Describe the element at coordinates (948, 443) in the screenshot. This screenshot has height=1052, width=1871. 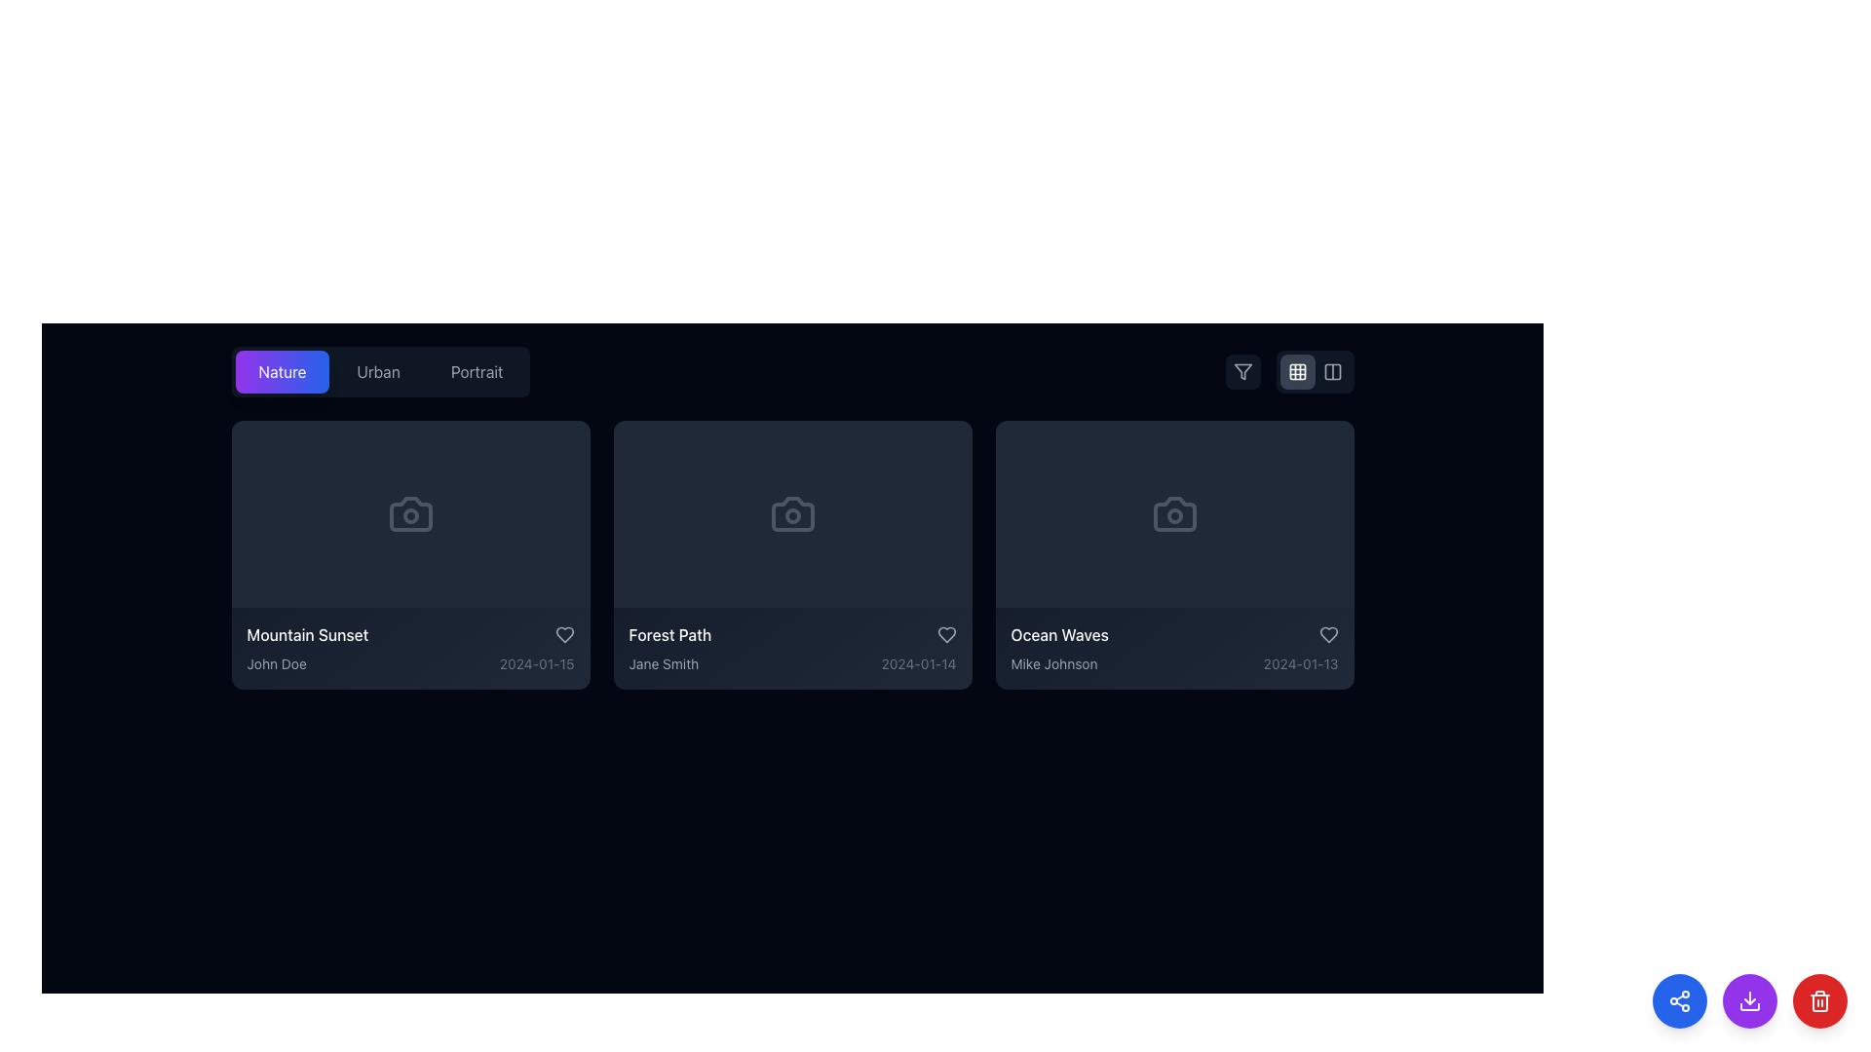
I see `the button located at the top-right position of the second card in a horizontal list` at that location.